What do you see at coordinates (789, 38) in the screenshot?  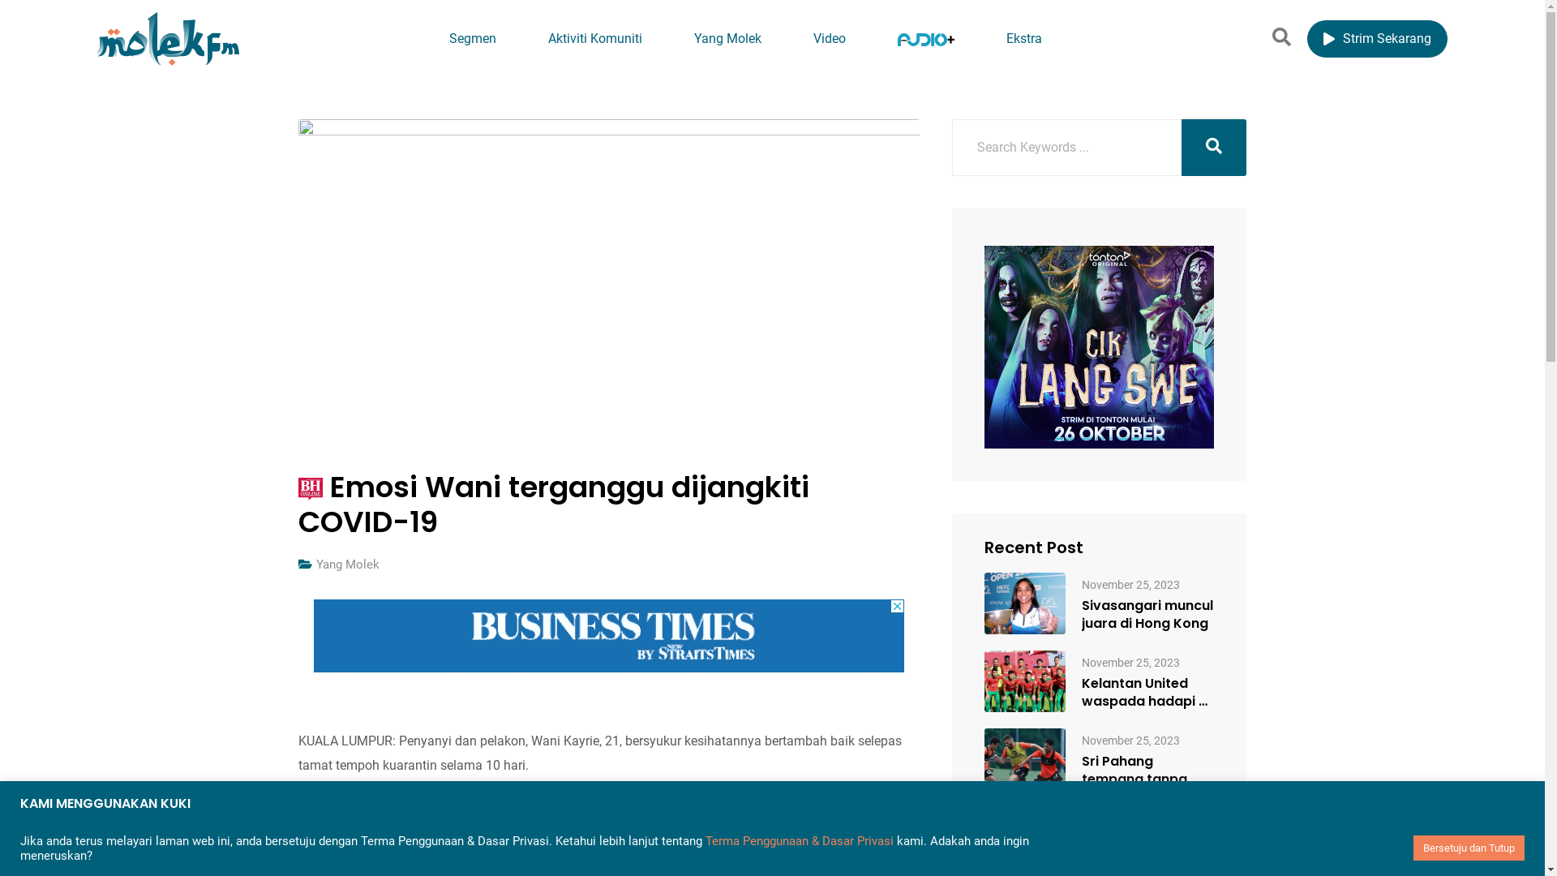 I see `'Video'` at bounding box center [789, 38].